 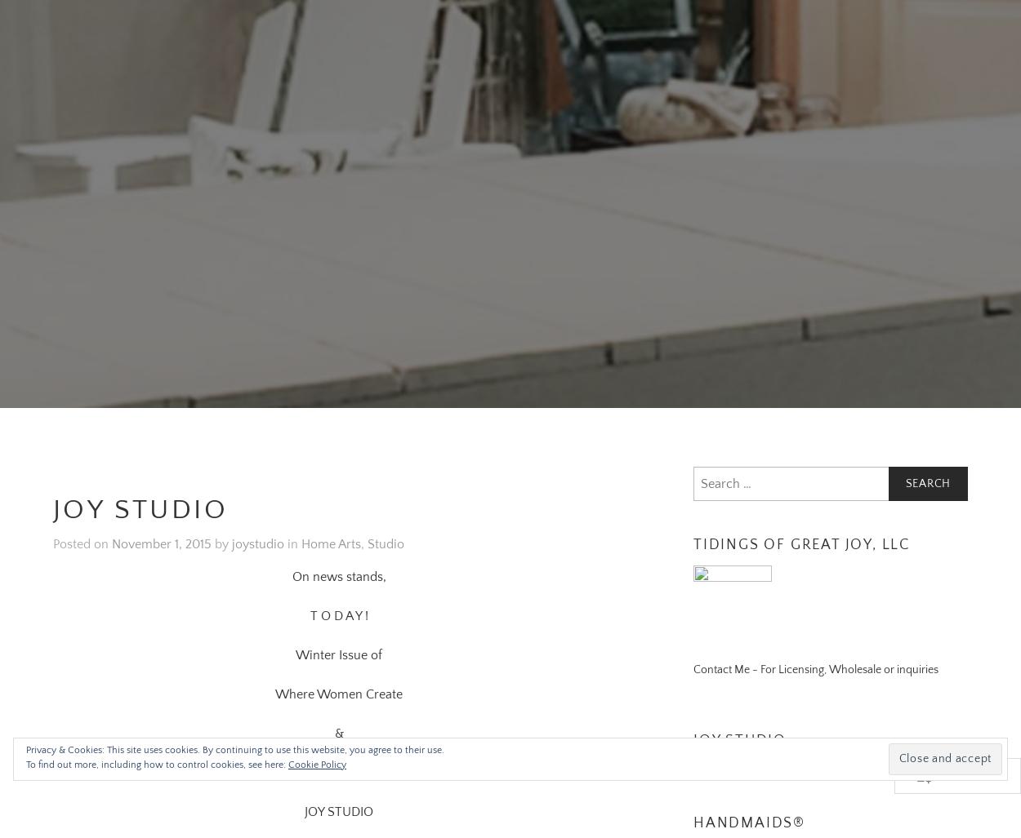 I want to click on 'joystudio', so click(x=232, y=524).